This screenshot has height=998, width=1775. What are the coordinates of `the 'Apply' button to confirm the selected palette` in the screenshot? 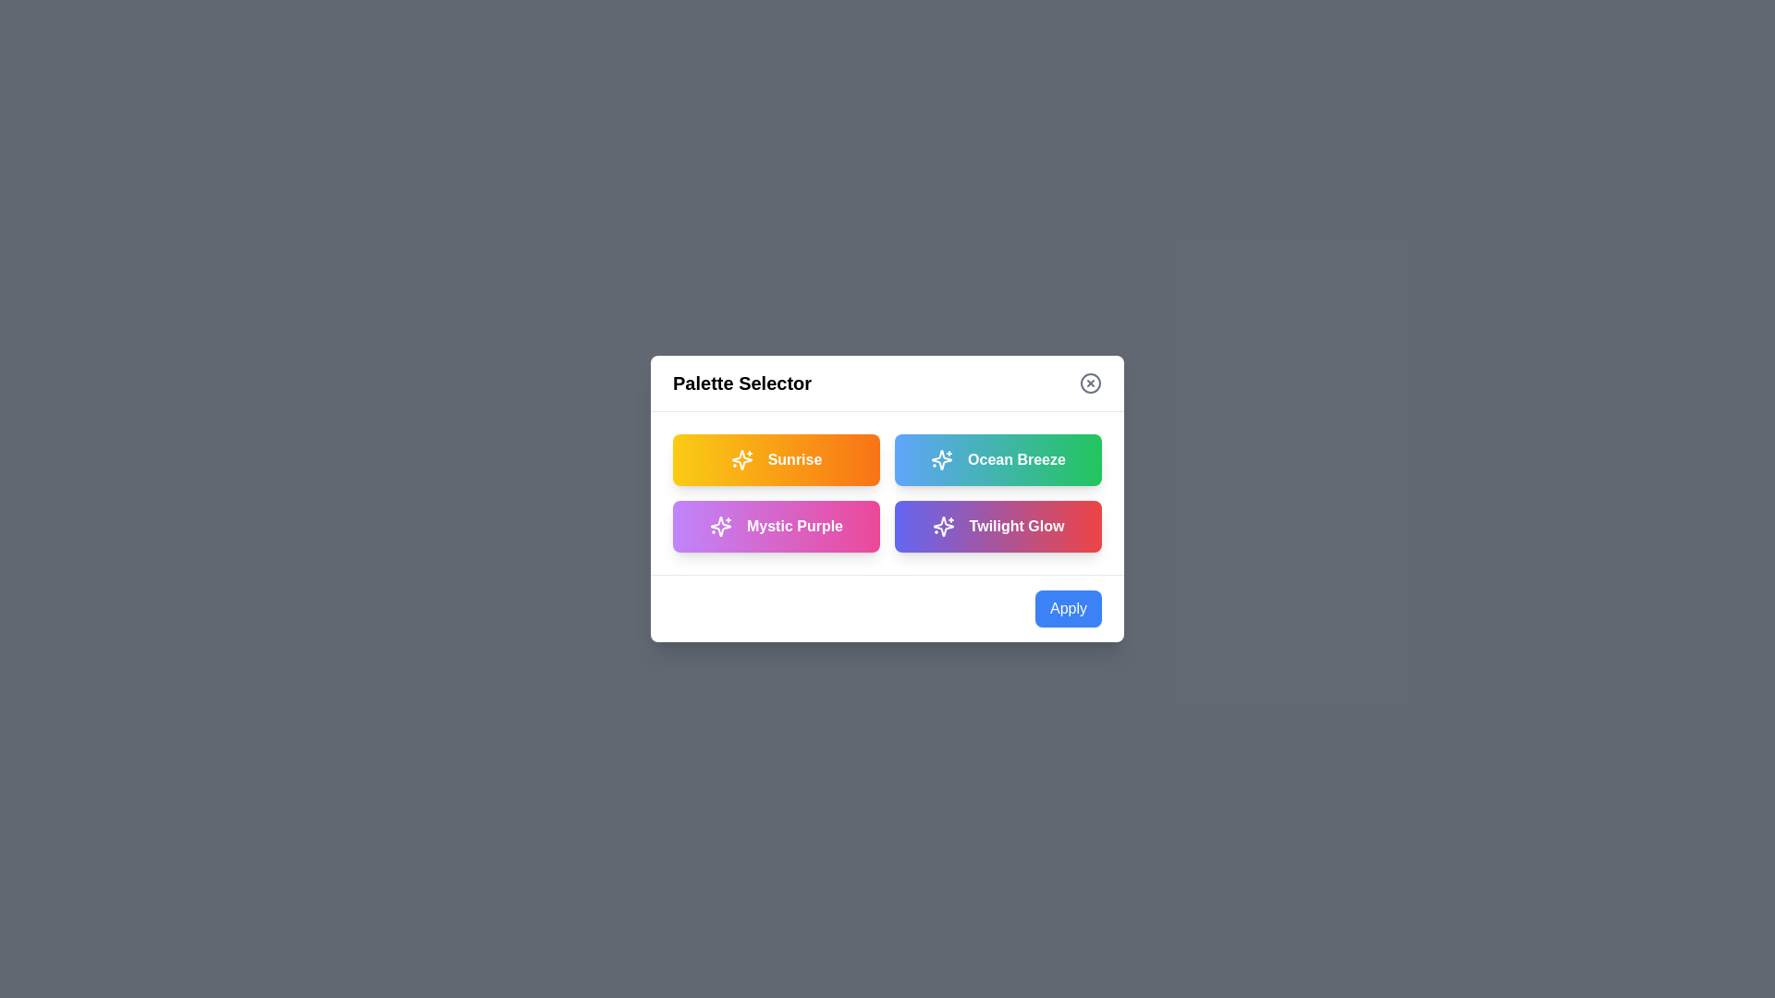 It's located at (1069, 609).